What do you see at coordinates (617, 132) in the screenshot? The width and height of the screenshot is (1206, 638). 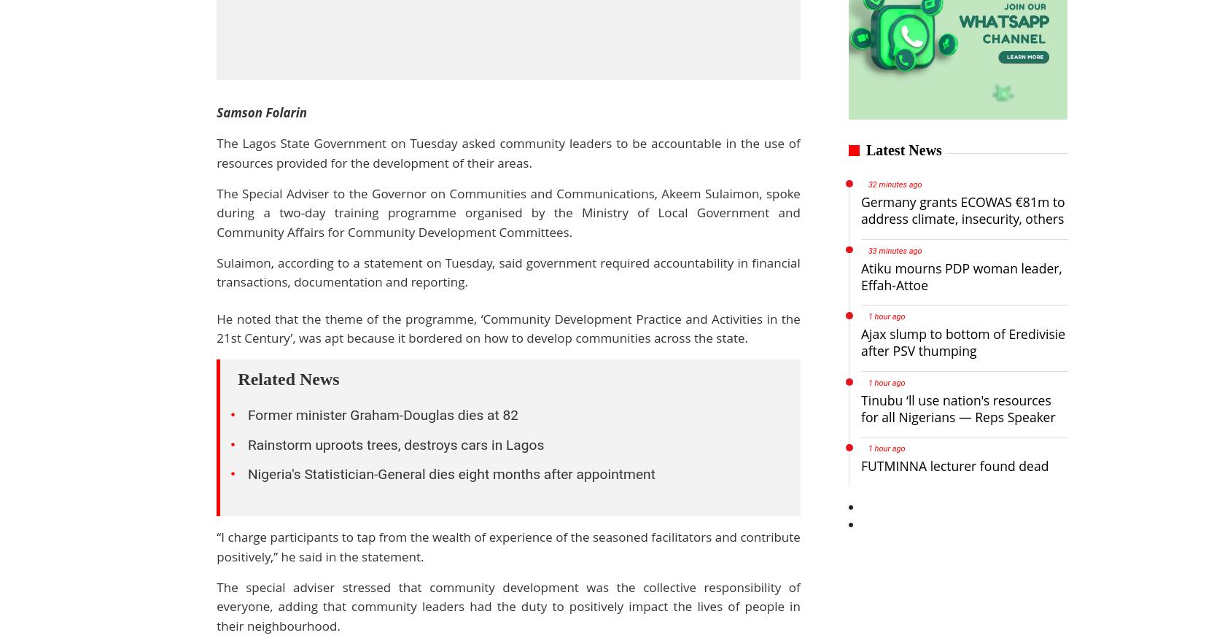 I see `'Join Now'` at bounding box center [617, 132].